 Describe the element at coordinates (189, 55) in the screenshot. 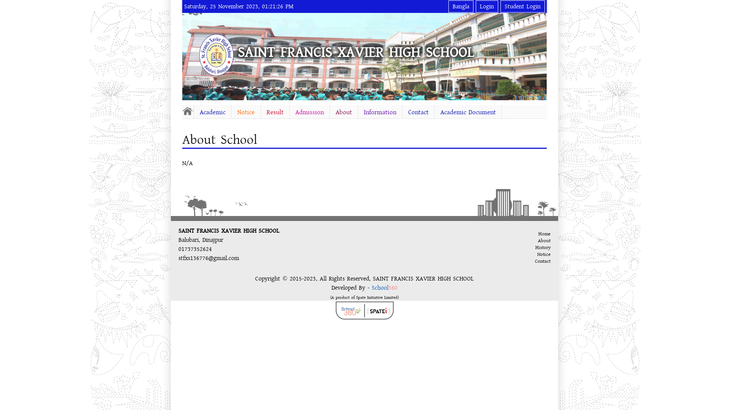

I see `'Previous'` at that location.